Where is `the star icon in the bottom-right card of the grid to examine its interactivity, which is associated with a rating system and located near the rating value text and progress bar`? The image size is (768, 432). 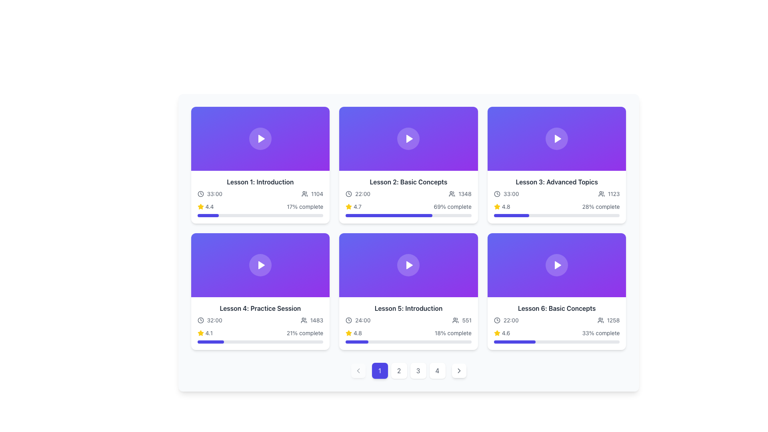
the star icon in the bottom-right card of the grid to examine its interactivity, which is associated with a rating system and located near the rating value text and progress bar is located at coordinates (496, 333).